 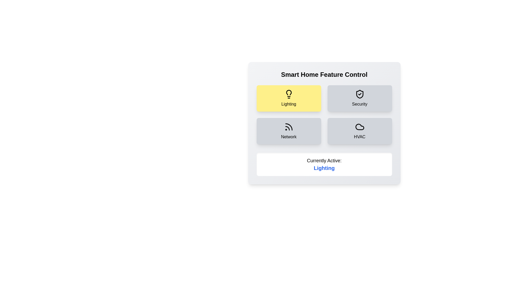 What do you see at coordinates (360, 131) in the screenshot?
I see `the button corresponding to the feature HVAC` at bounding box center [360, 131].